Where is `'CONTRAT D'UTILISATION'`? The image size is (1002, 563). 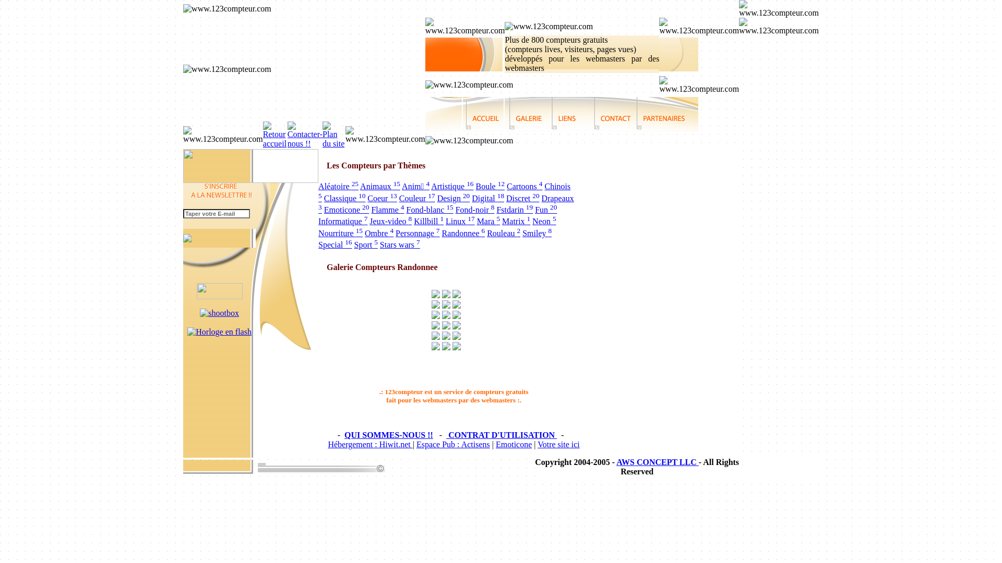 'CONTRAT D'UTILISATION' is located at coordinates (446, 435).